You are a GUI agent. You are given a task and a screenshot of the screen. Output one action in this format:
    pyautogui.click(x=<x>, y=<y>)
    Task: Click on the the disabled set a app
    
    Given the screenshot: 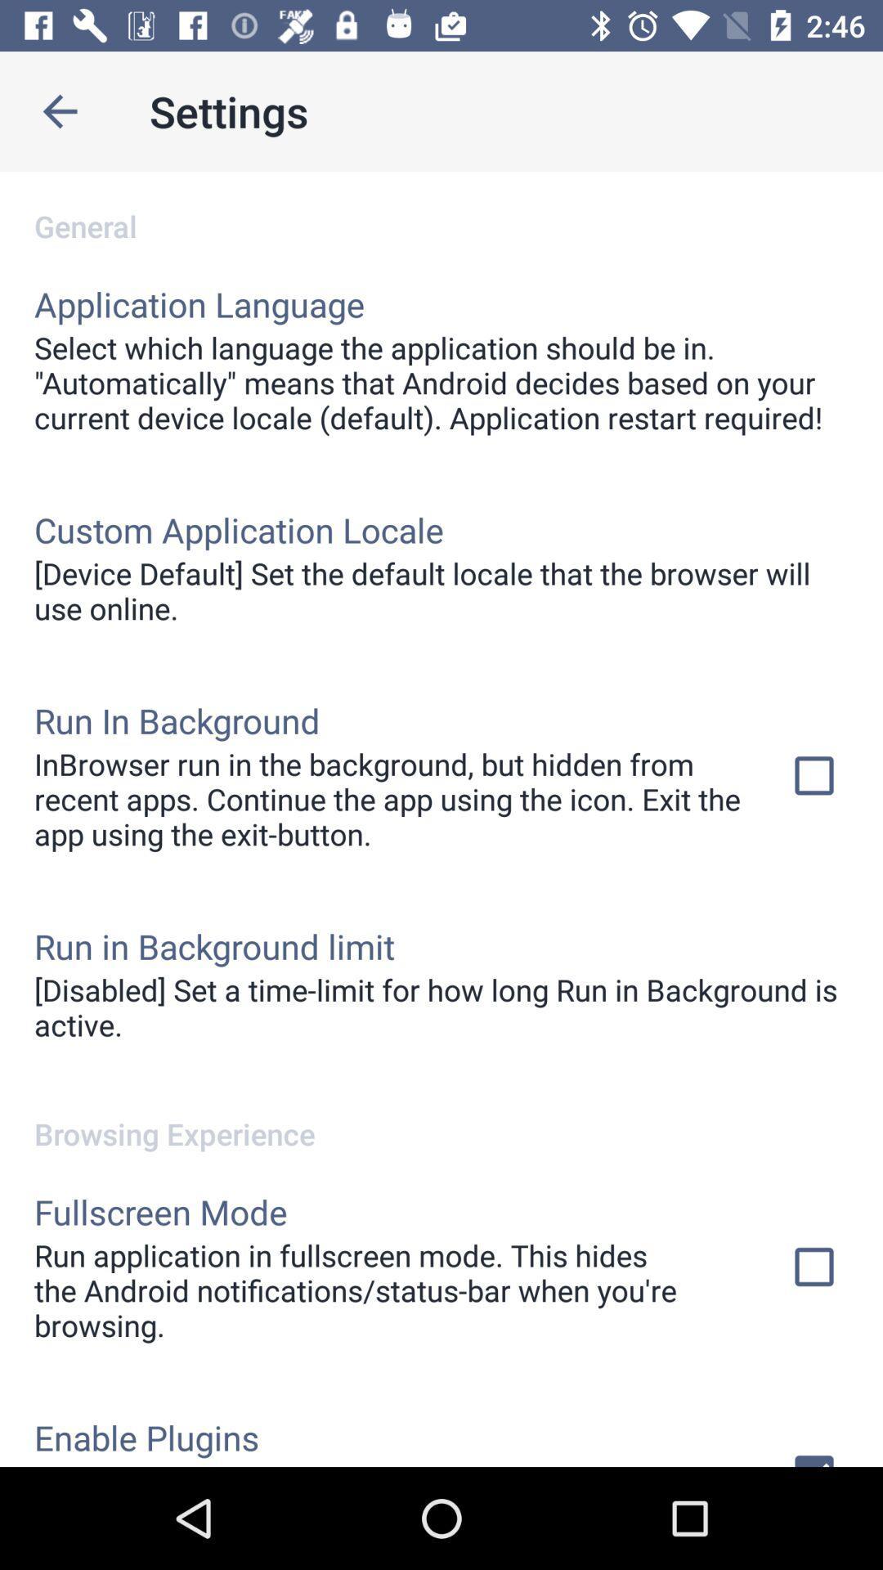 What is the action you would take?
    pyautogui.click(x=441, y=1006)
    